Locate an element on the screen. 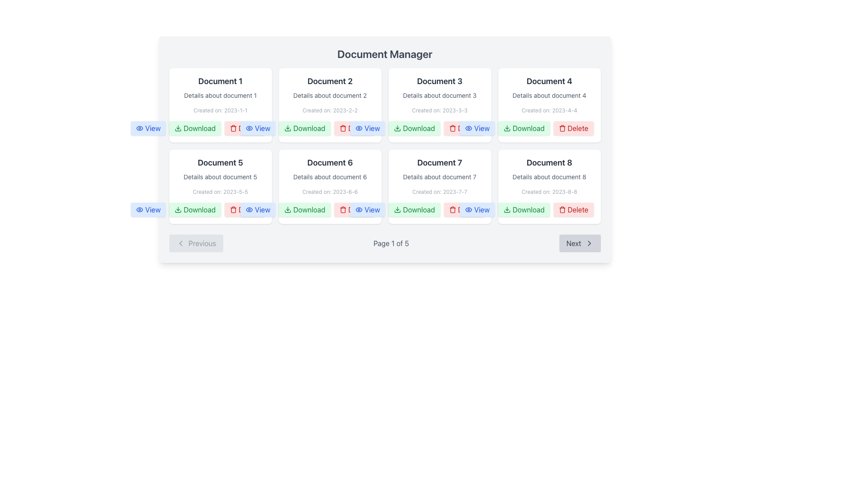 The image size is (849, 478). the first interactive button in the grid layout for Document 5 is located at coordinates (257, 210).